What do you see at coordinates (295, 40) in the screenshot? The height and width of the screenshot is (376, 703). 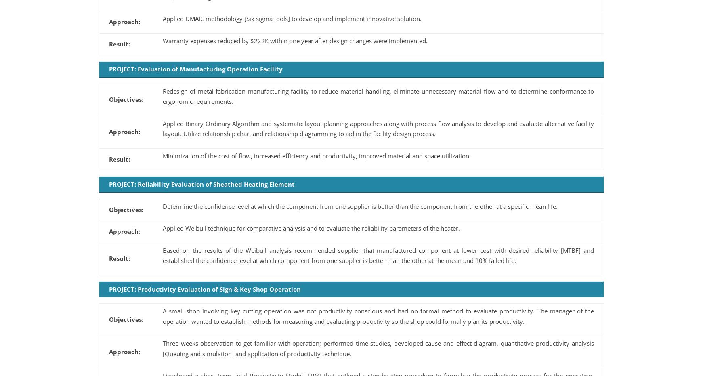 I see `'Warranty expenses reduced by $222K within one year after design changes were implemented.'` at bounding box center [295, 40].